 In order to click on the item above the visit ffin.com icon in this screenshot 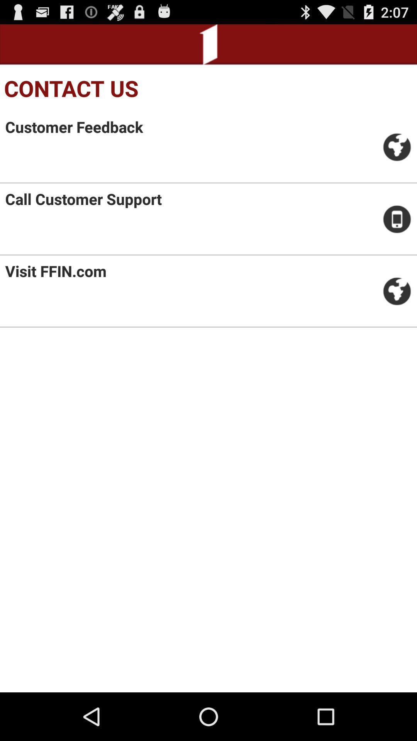, I will do `click(83, 199)`.